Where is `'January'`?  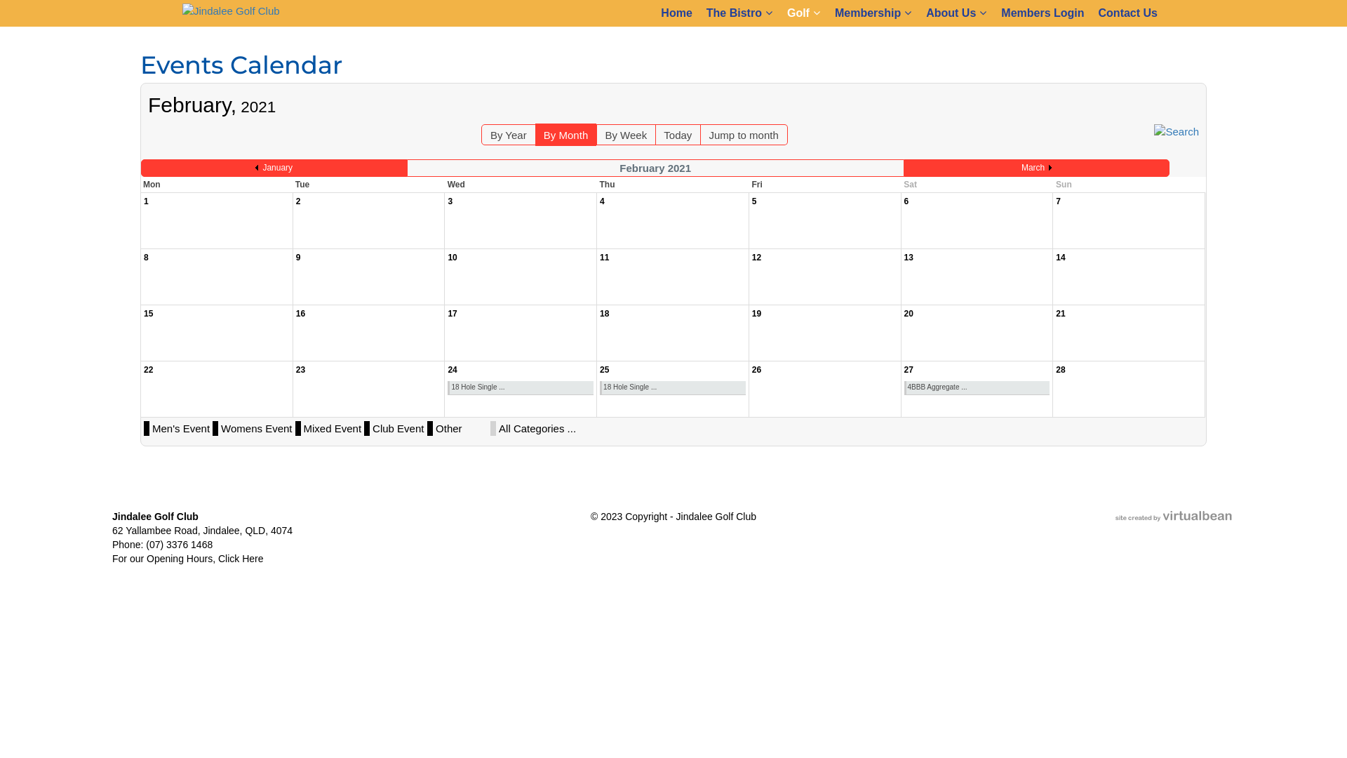
'January' is located at coordinates (274, 167).